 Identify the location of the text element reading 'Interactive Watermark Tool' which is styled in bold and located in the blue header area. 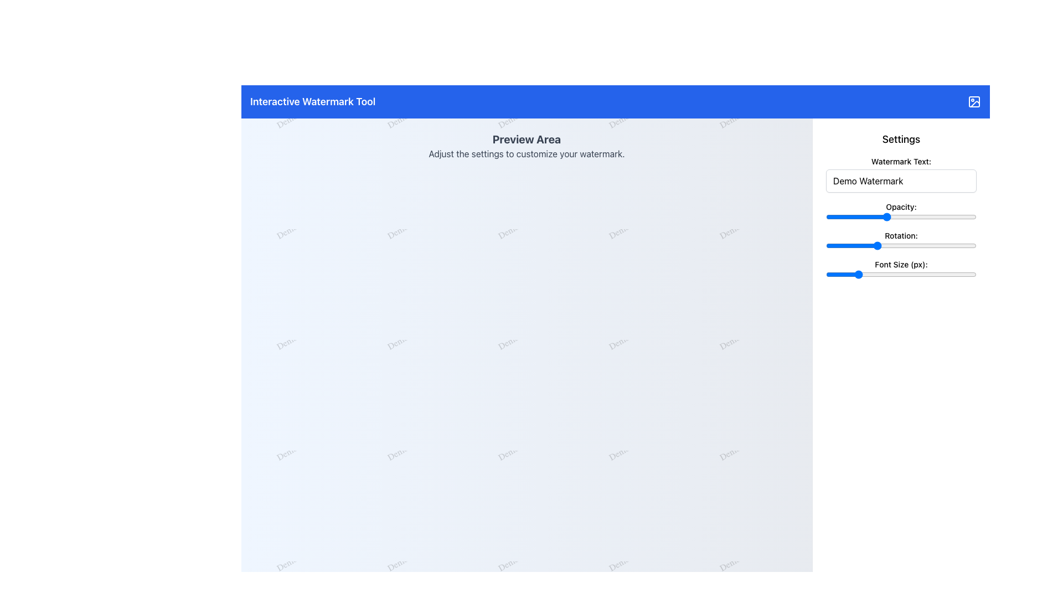
(312, 102).